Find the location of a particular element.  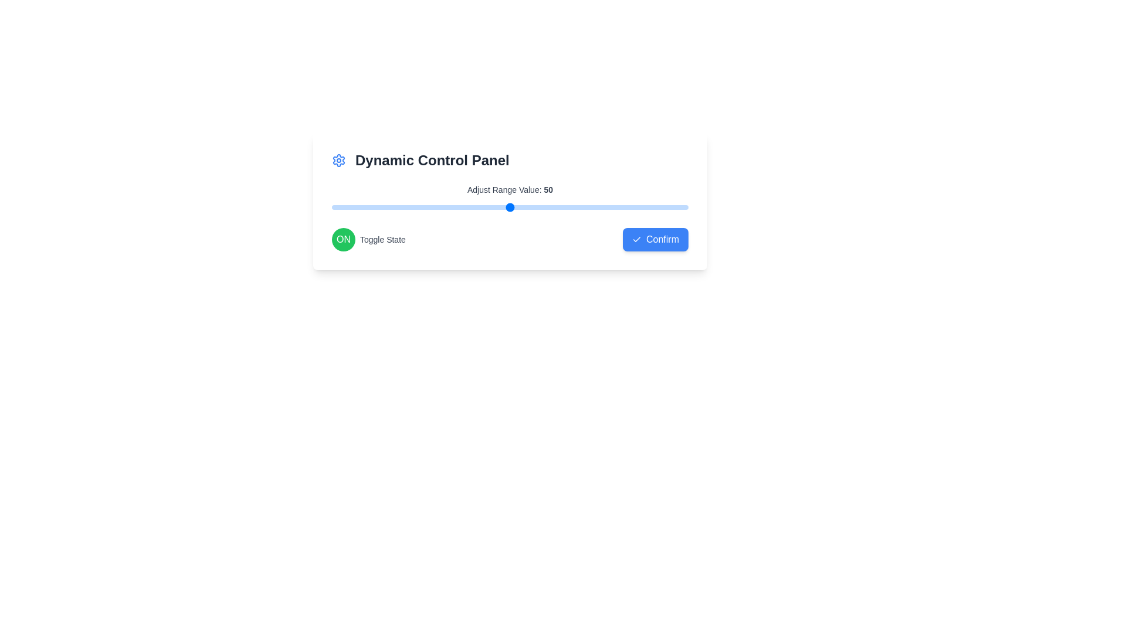

the slider value is located at coordinates (552, 207).